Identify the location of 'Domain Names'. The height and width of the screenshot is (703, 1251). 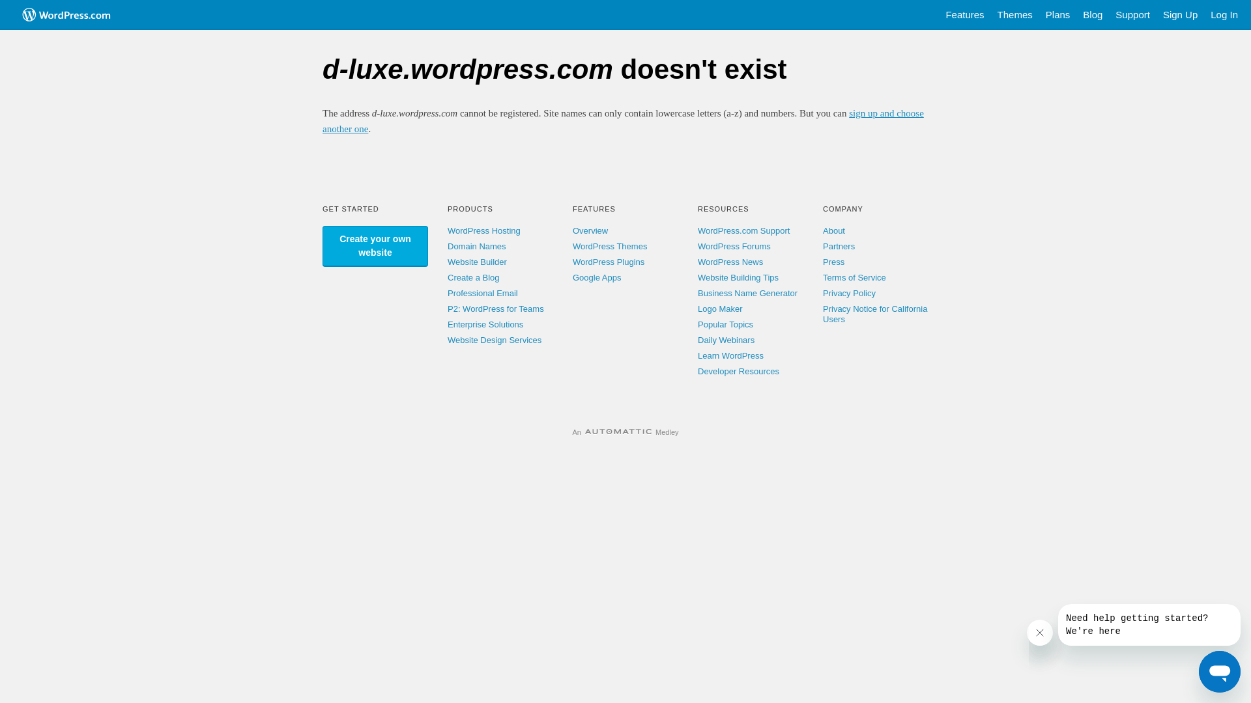
(476, 246).